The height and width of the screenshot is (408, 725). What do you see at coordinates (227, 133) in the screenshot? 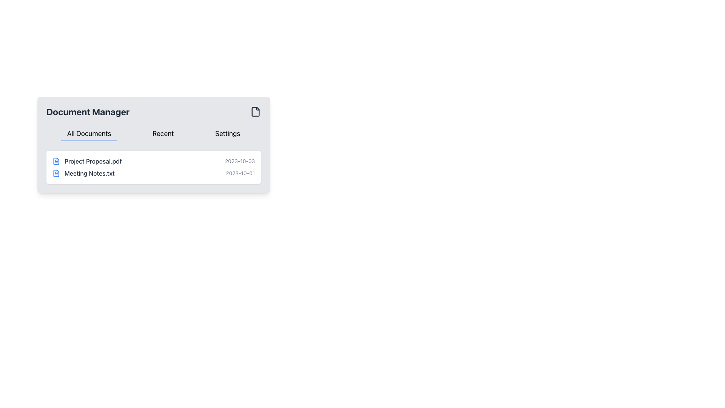
I see `the 'Settings' button, which is the last item in the horizontal menu bar` at bounding box center [227, 133].